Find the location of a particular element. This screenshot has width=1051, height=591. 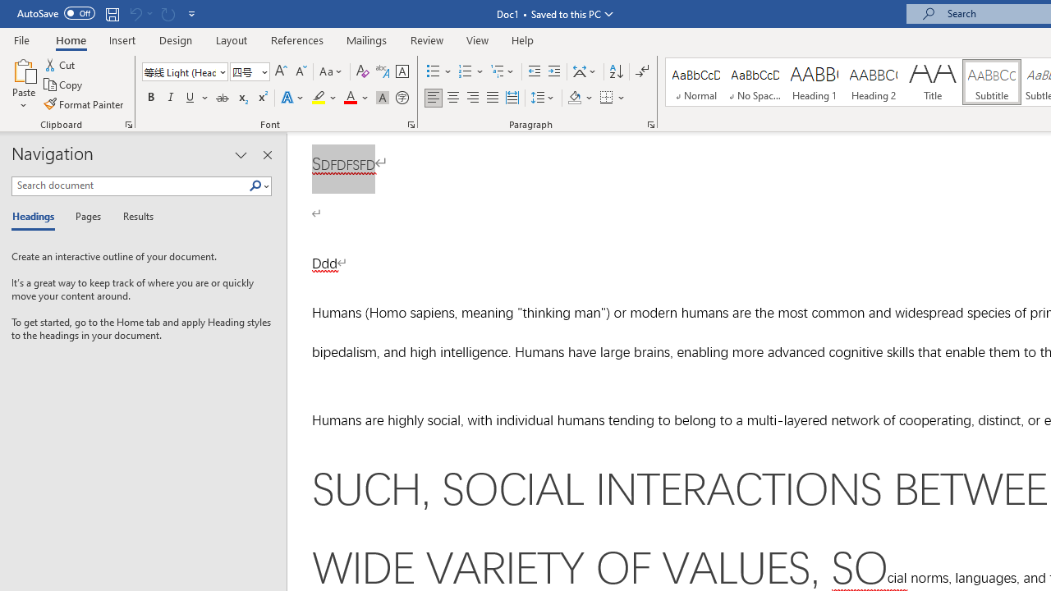

'References' is located at coordinates (297, 39).